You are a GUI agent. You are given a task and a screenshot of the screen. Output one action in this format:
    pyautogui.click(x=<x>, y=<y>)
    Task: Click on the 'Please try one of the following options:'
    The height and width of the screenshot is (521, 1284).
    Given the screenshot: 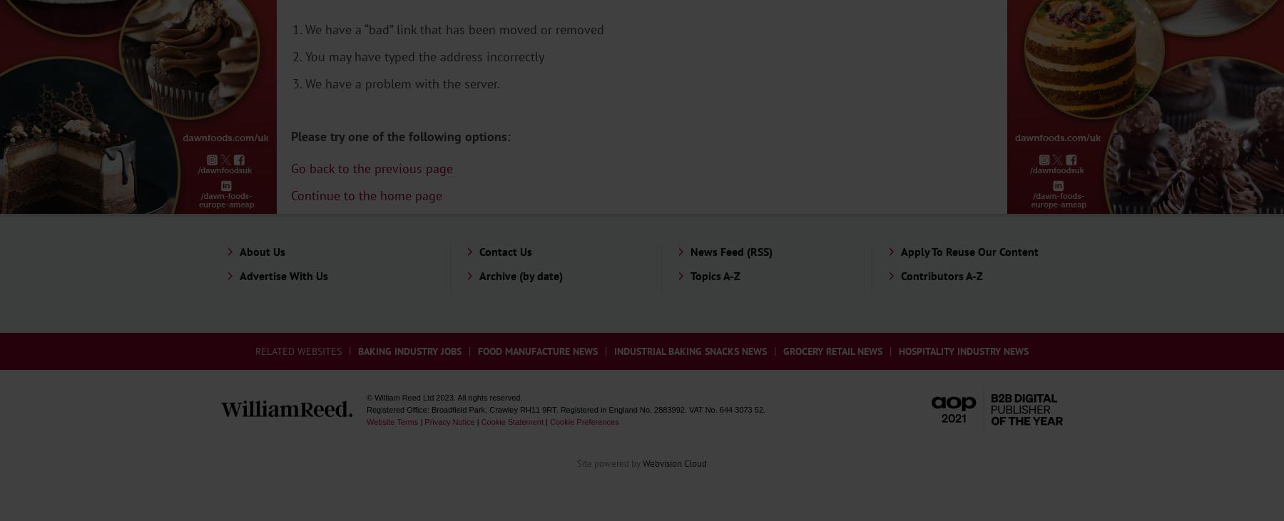 What is the action you would take?
    pyautogui.click(x=399, y=135)
    